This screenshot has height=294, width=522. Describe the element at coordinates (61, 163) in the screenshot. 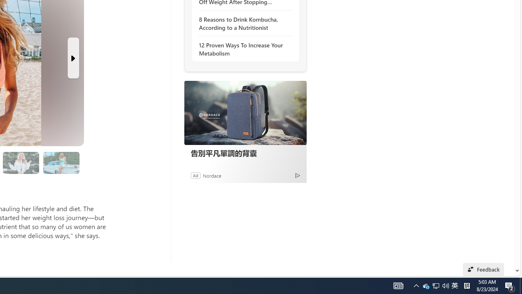

I see `'8 I Stopped Comparing Myself to Others'` at that location.